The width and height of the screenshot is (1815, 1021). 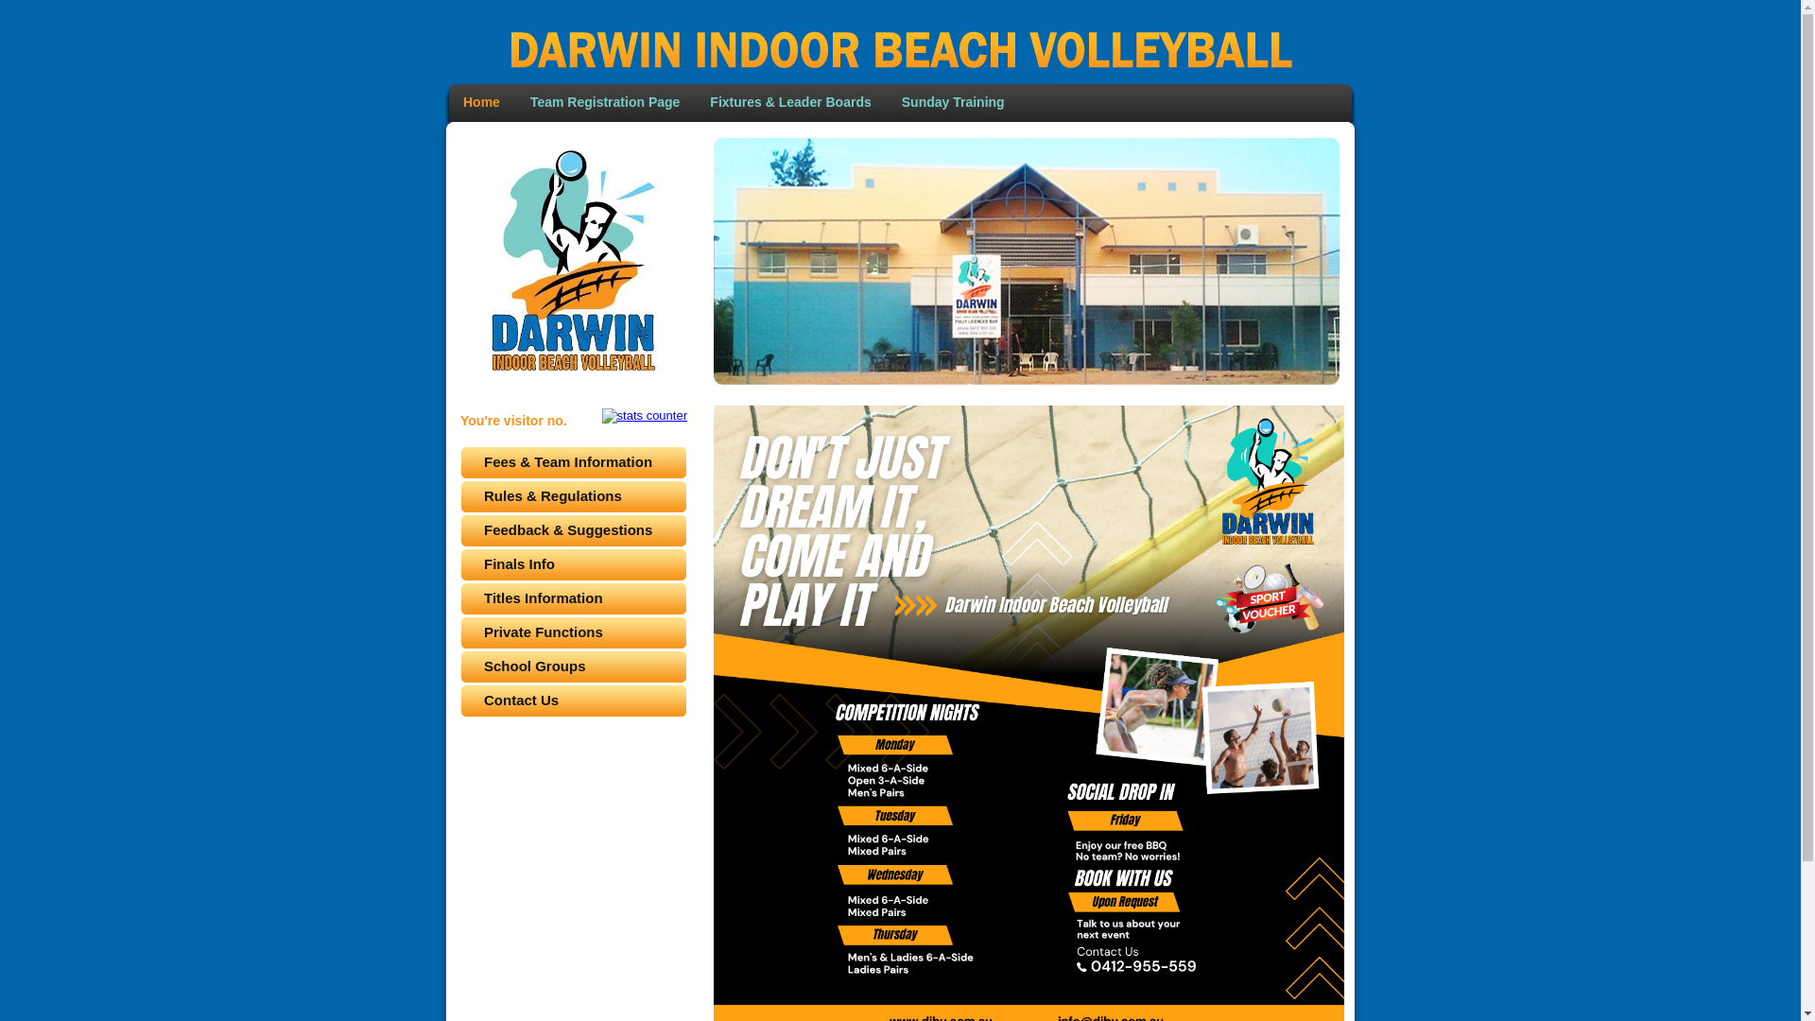 What do you see at coordinates (572, 530) in the screenshot?
I see `'Feedback & Suggestions'` at bounding box center [572, 530].